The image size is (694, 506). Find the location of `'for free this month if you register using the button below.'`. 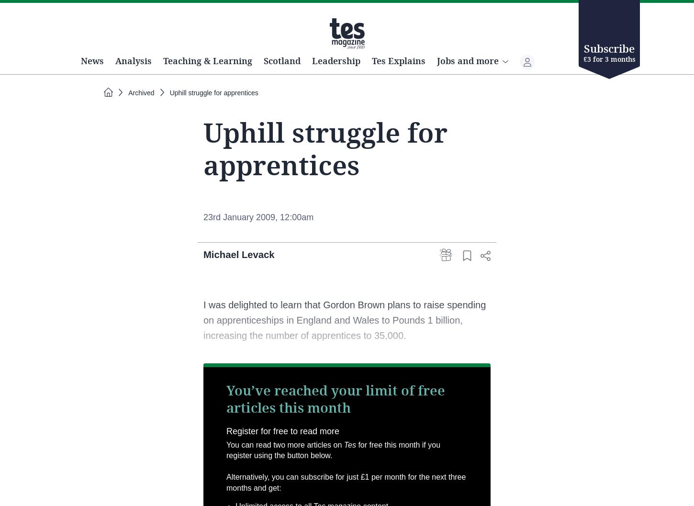

'for free this month if you register using the button below.' is located at coordinates (333, 483).